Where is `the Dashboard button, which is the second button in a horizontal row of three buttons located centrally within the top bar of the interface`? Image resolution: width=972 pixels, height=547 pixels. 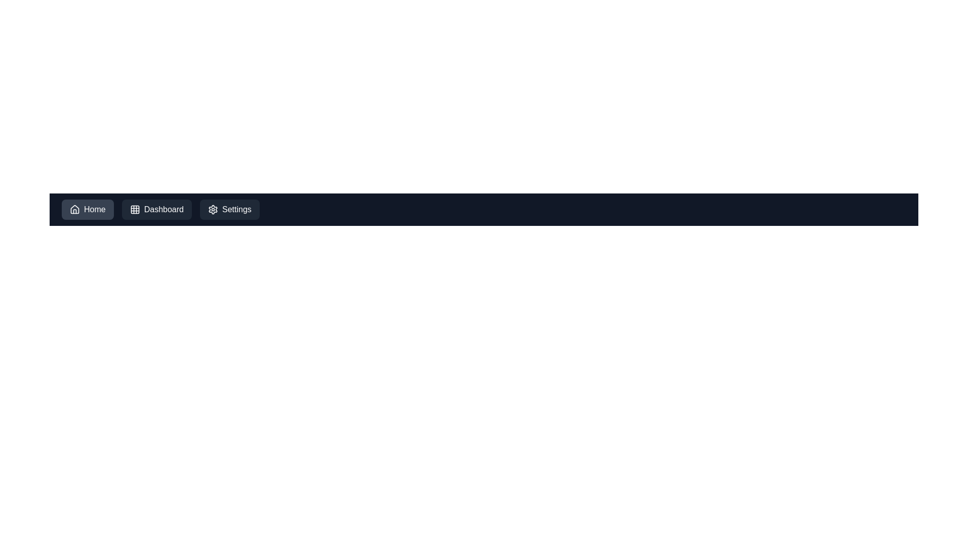
the Dashboard button, which is the second button in a horizontal row of three buttons located centrally within the top bar of the interface is located at coordinates (156, 209).